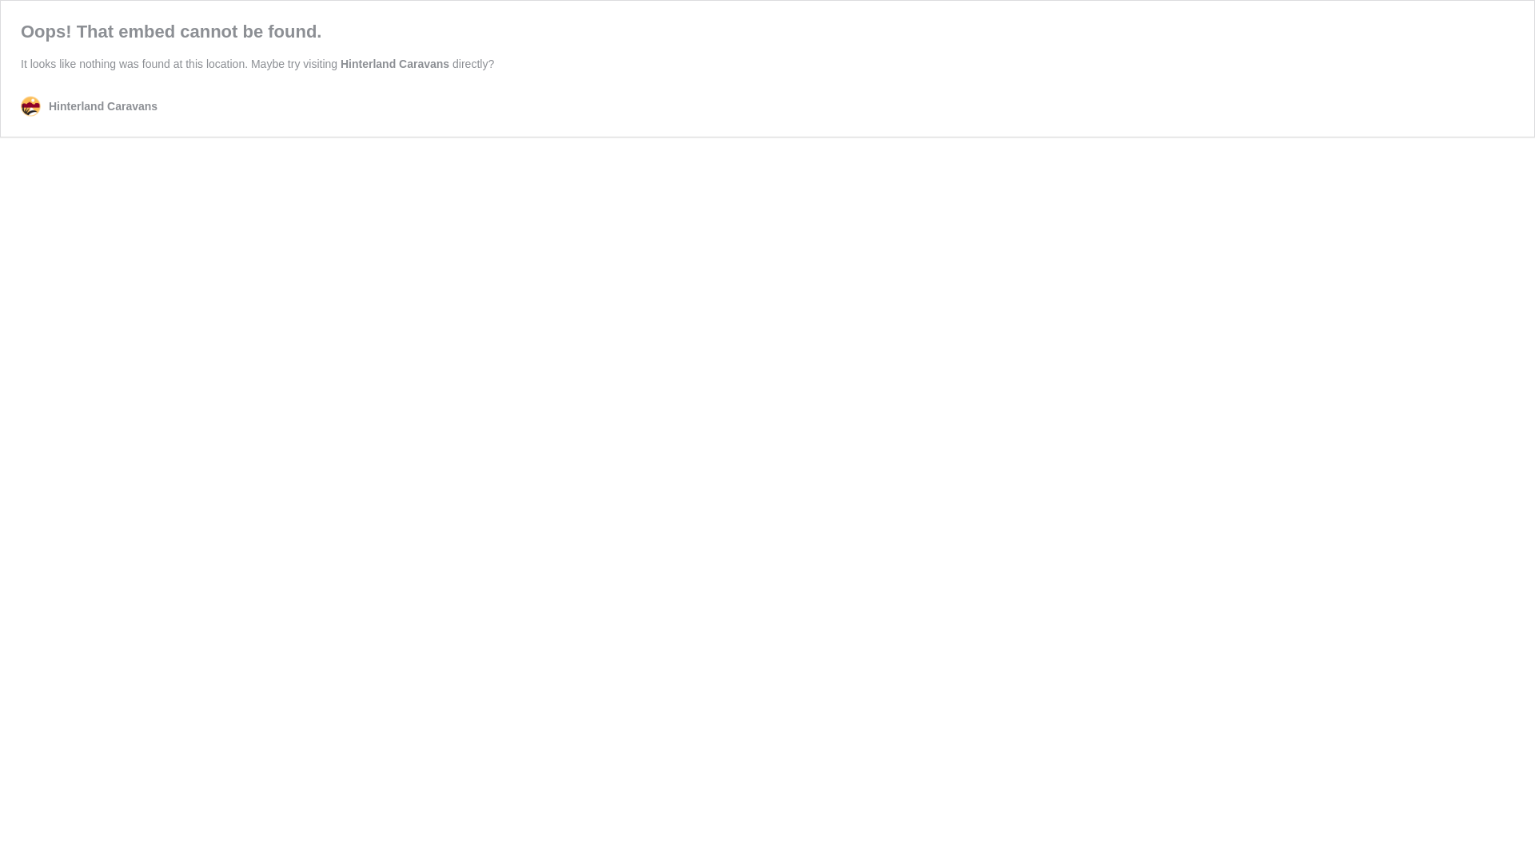 This screenshot has height=863, width=1535. What do you see at coordinates (395, 63) in the screenshot?
I see `'Hinterland Caravans'` at bounding box center [395, 63].